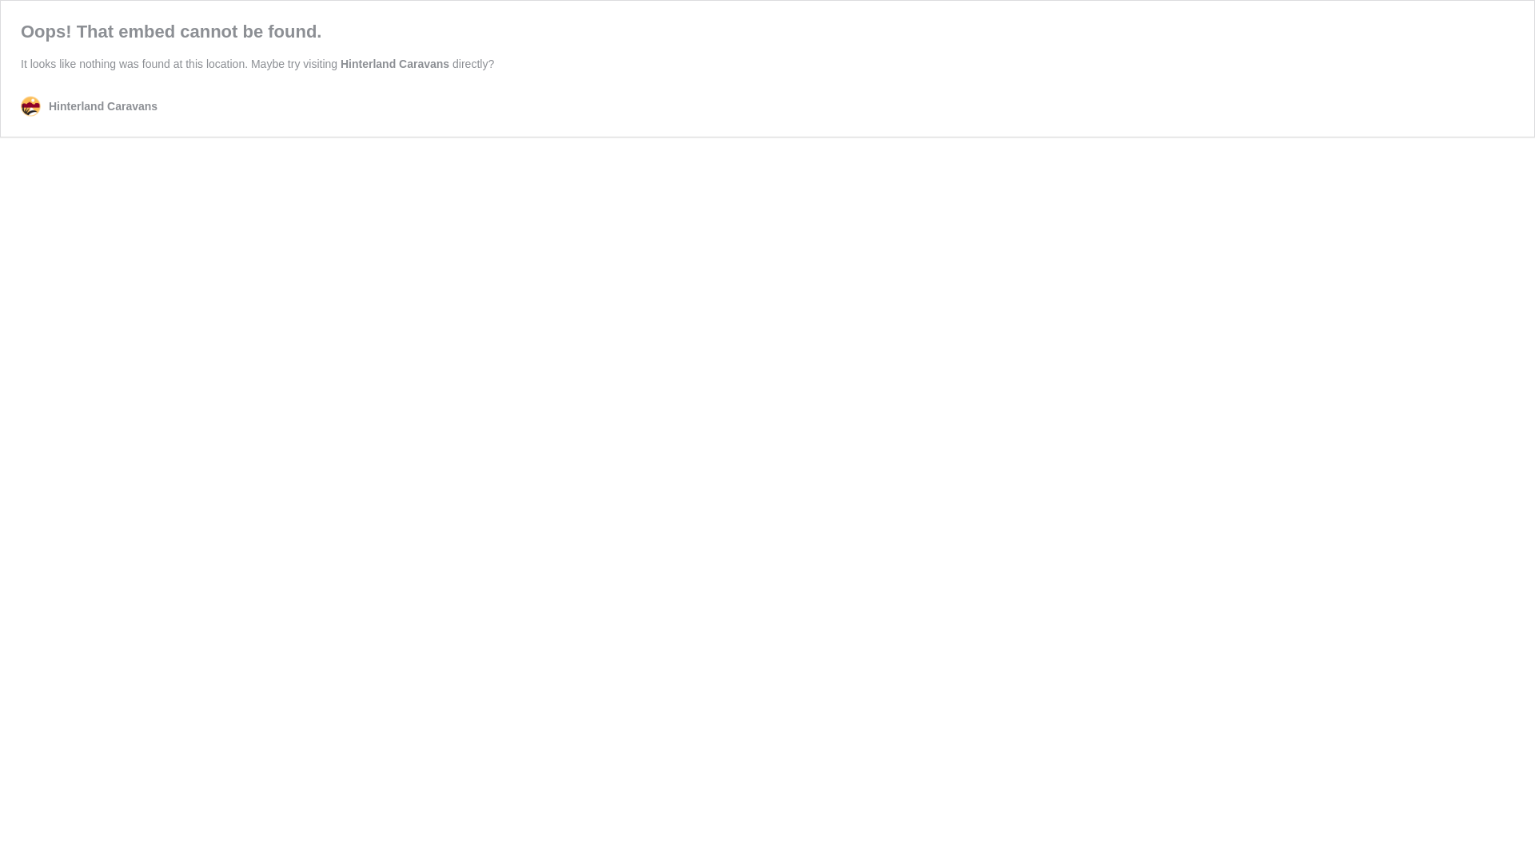 This screenshot has height=863, width=1535. What do you see at coordinates (395, 63) in the screenshot?
I see `'Hinterland Caravans'` at bounding box center [395, 63].